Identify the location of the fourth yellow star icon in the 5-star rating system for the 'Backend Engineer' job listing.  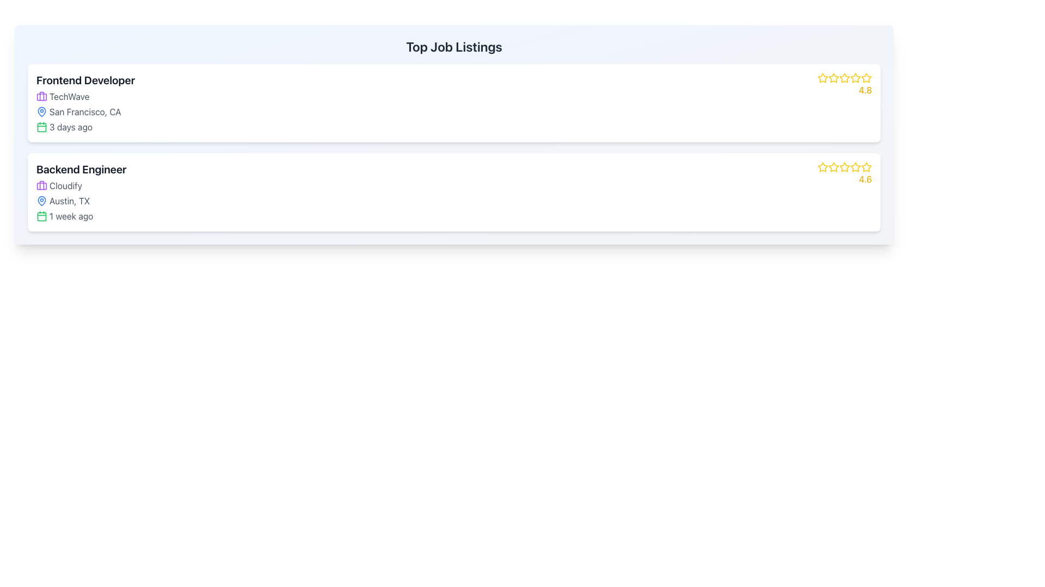
(844, 167).